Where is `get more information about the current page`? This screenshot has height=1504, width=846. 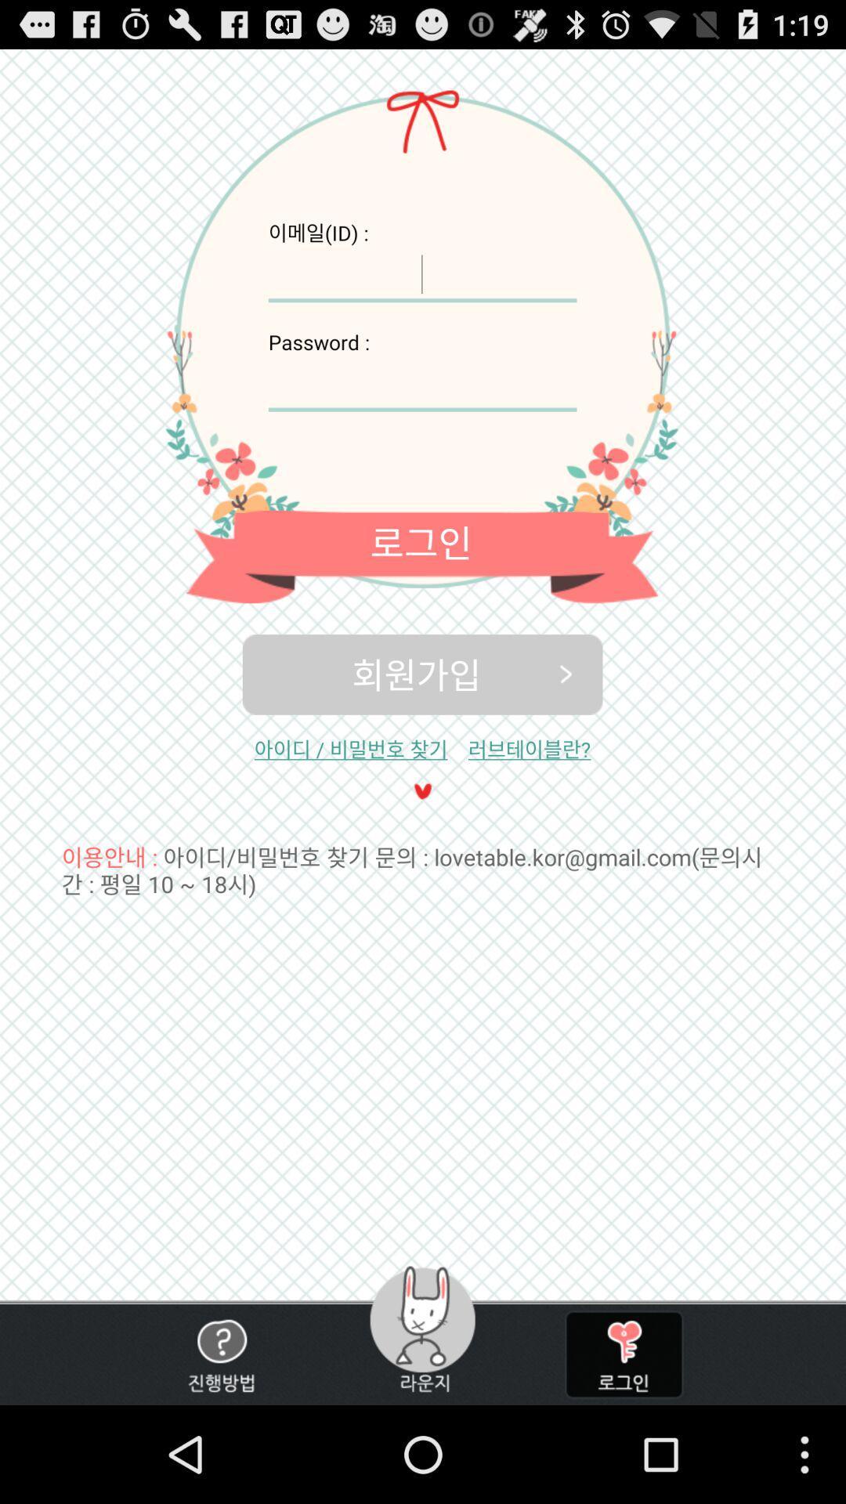
get more information about the current page is located at coordinates (221, 1354).